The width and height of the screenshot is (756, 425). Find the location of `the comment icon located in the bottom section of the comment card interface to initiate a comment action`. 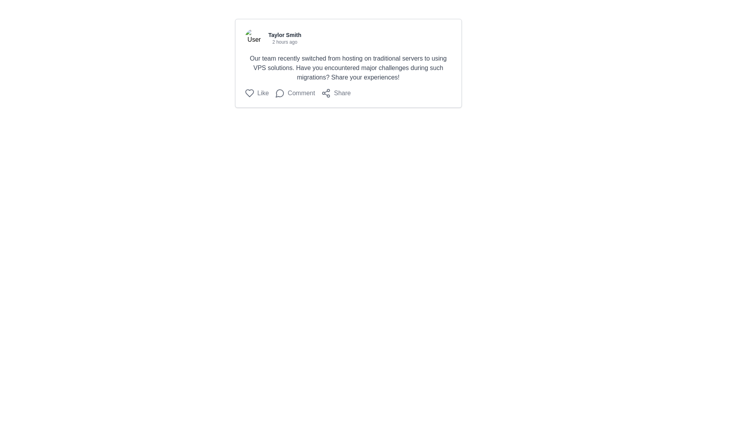

the comment icon located in the bottom section of the comment card interface to initiate a comment action is located at coordinates (280, 93).